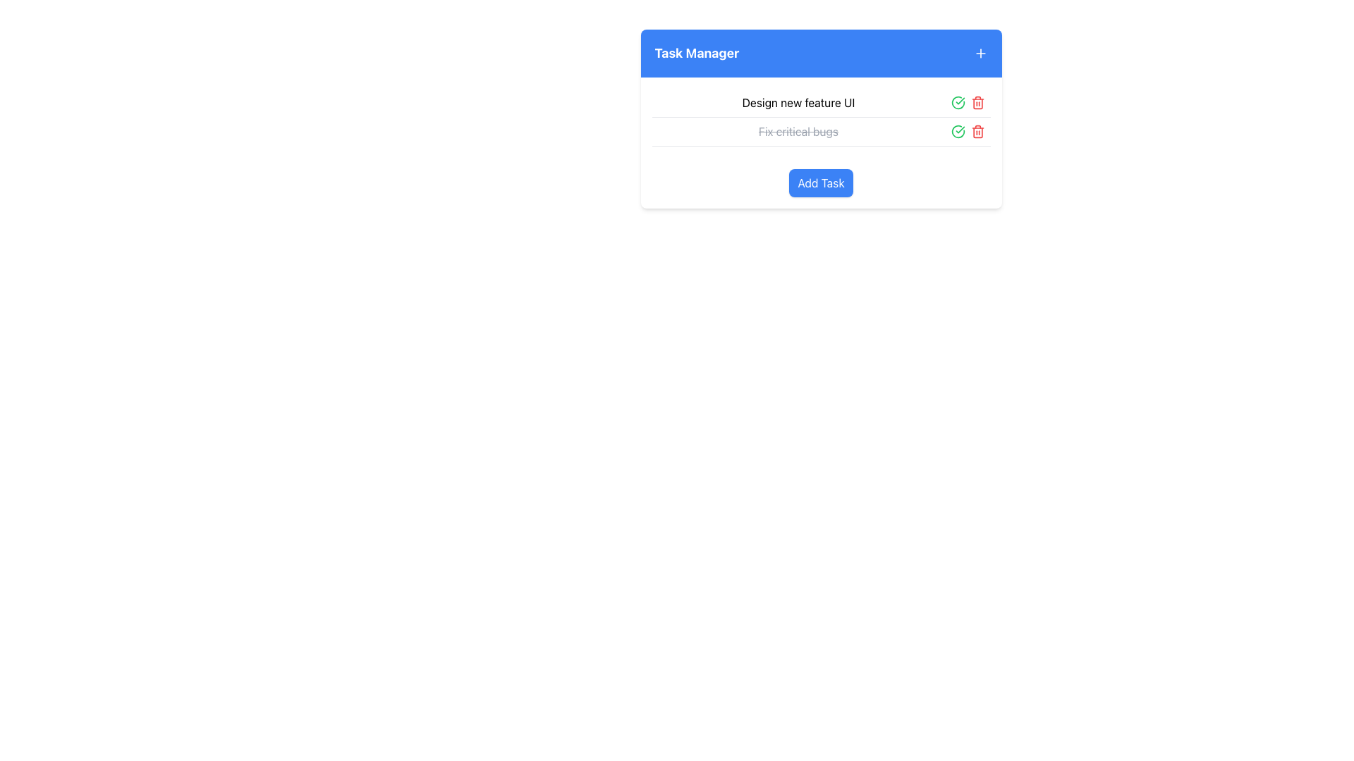 This screenshot has height=761, width=1354. I want to click on the blue 'Add Task' button located at the bottom of the task list panel to change its appearance, so click(821, 182).